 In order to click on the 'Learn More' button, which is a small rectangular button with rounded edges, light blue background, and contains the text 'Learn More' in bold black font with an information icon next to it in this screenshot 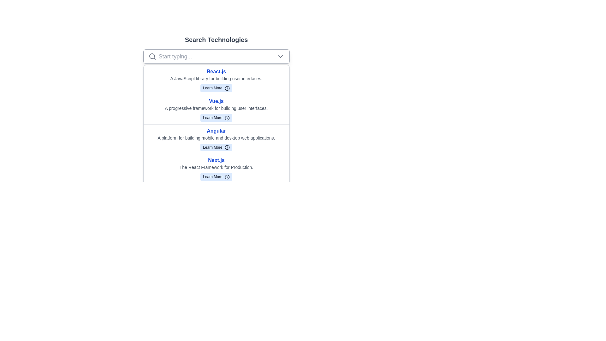, I will do `click(216, 118)`.